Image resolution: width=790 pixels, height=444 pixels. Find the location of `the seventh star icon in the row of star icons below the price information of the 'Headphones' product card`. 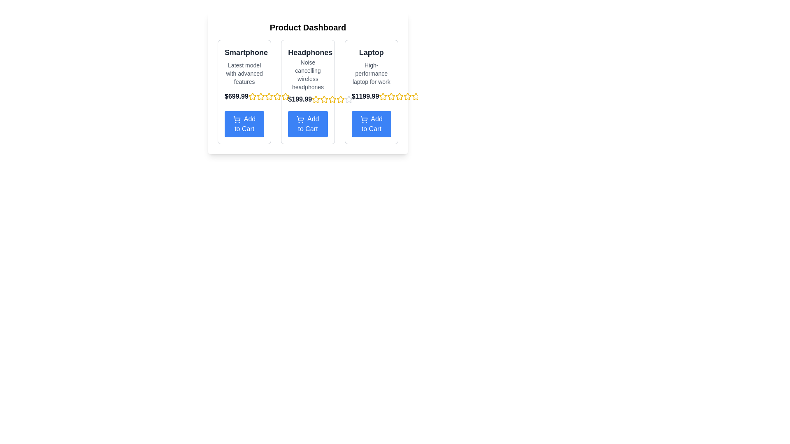

the seventh star icon in the row of star icons below the price information of the 'Headphones' product card is located at coordinates (277, 96).